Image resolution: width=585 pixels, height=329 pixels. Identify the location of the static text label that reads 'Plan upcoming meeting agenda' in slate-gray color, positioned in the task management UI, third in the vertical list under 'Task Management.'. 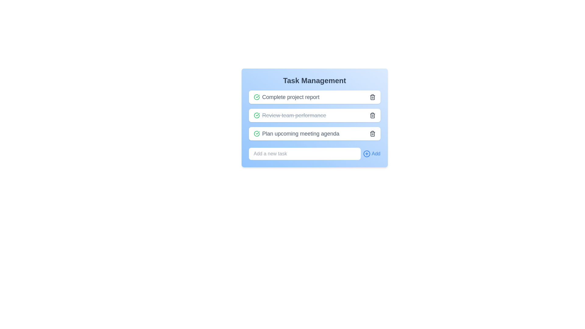
(301, 133).